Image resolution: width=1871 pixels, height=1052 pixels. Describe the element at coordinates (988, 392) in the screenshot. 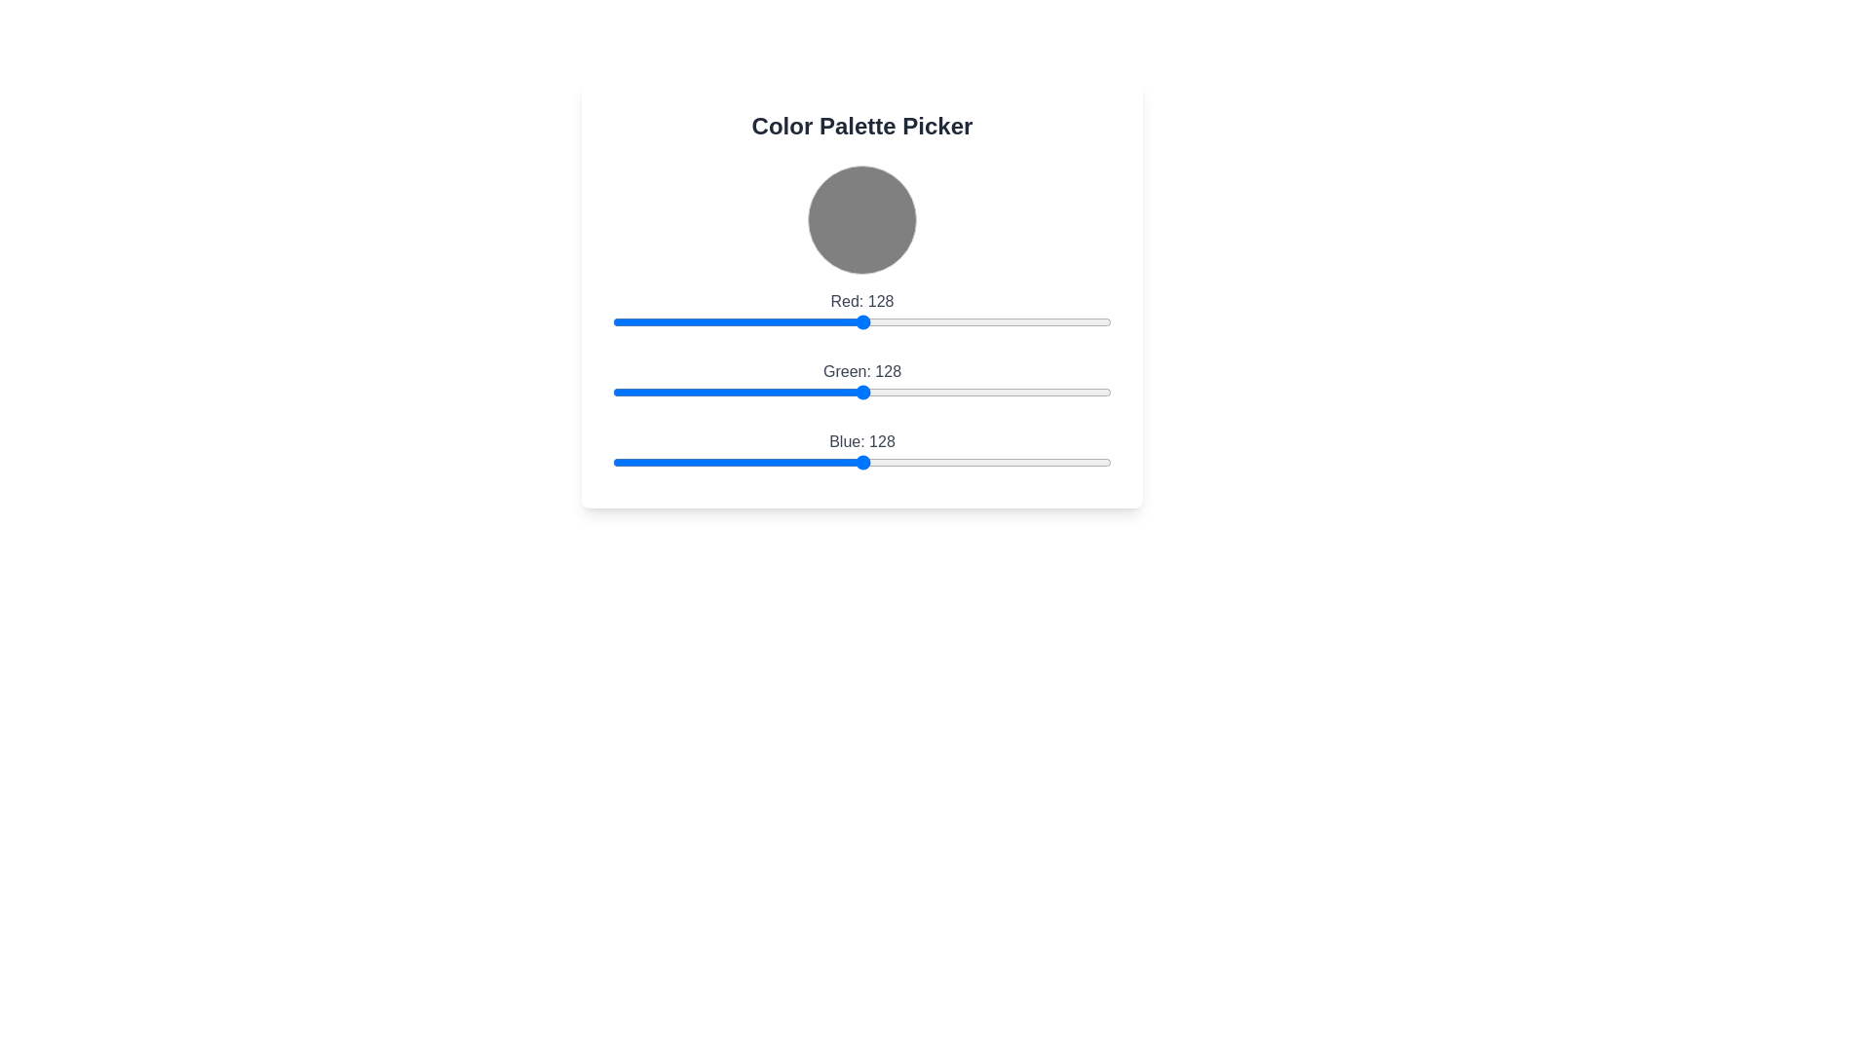

I see `the green color value` at that location.